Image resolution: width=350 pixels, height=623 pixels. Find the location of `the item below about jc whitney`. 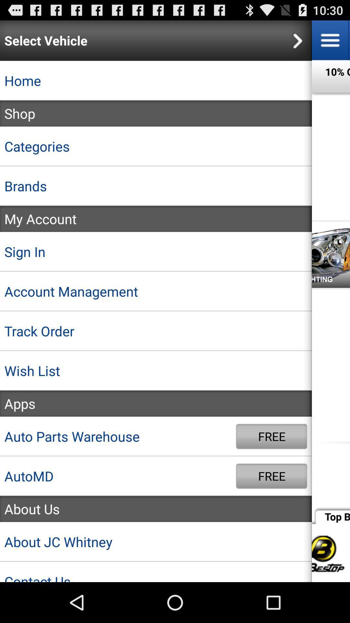

the item below about jc whitney is located at coordinates (156, 572).